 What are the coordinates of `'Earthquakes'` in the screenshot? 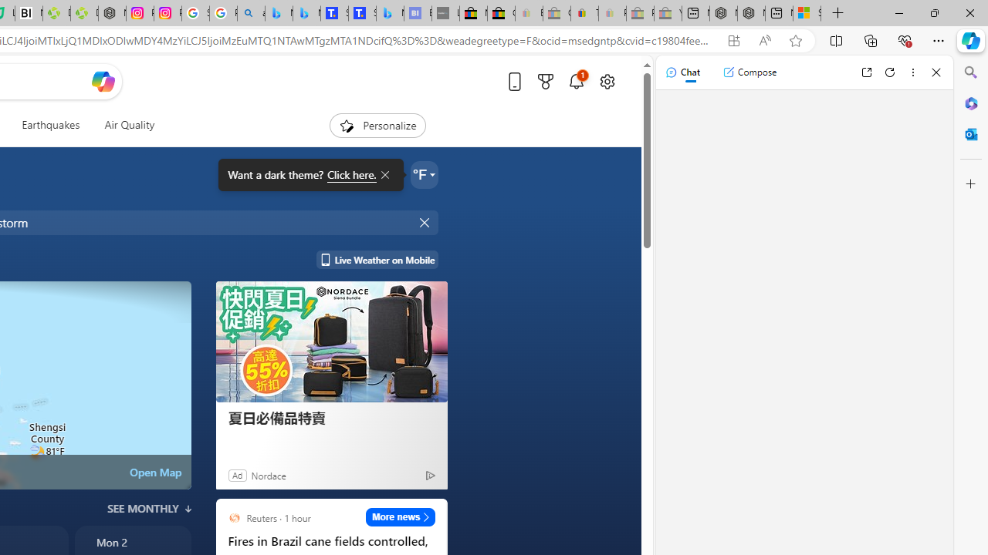 It's located at (50, 125).